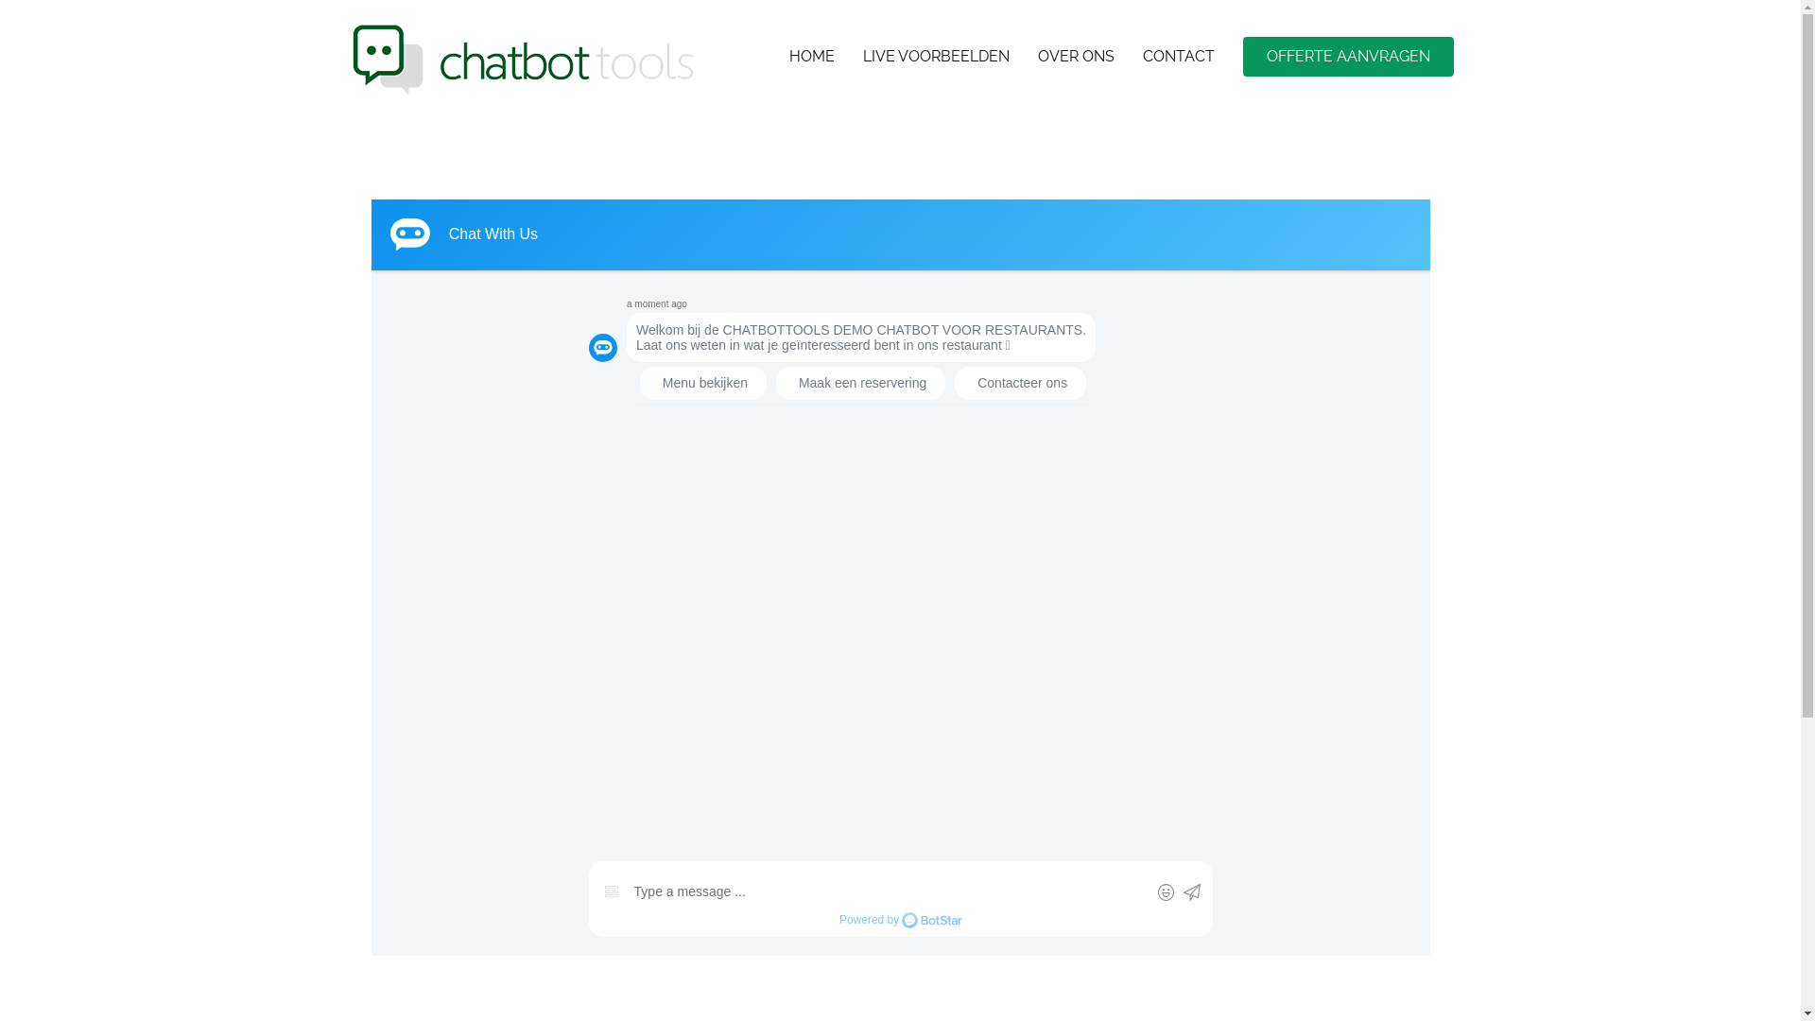  Describe the element at coordinates (935, 56) in the screenshot. I see `'LIVE VOORBEELDEN'` at that location.